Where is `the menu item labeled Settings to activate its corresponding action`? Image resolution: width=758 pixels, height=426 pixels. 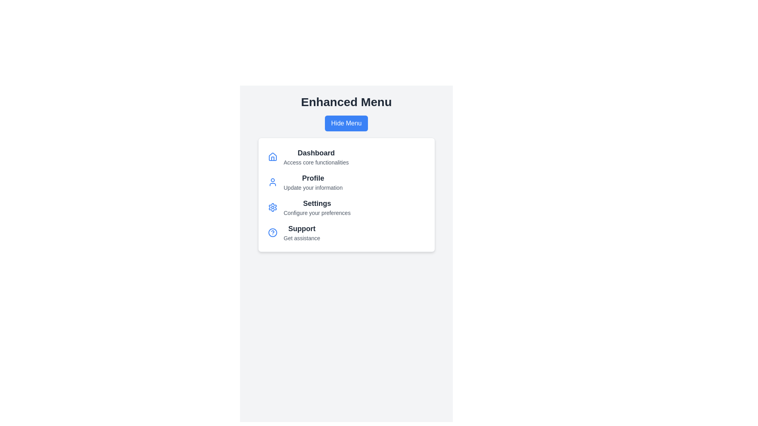
the menu item labeled Settings to activate its corresponding action is located at coordinates (317, 203).